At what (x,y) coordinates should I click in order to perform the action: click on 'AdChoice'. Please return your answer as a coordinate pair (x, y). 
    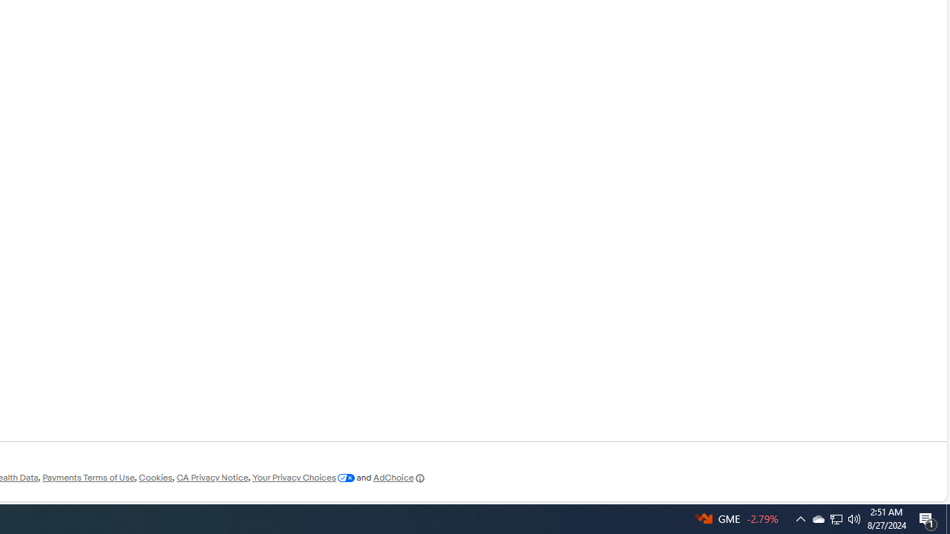
    Looking at the image, I should click on (399, 478).